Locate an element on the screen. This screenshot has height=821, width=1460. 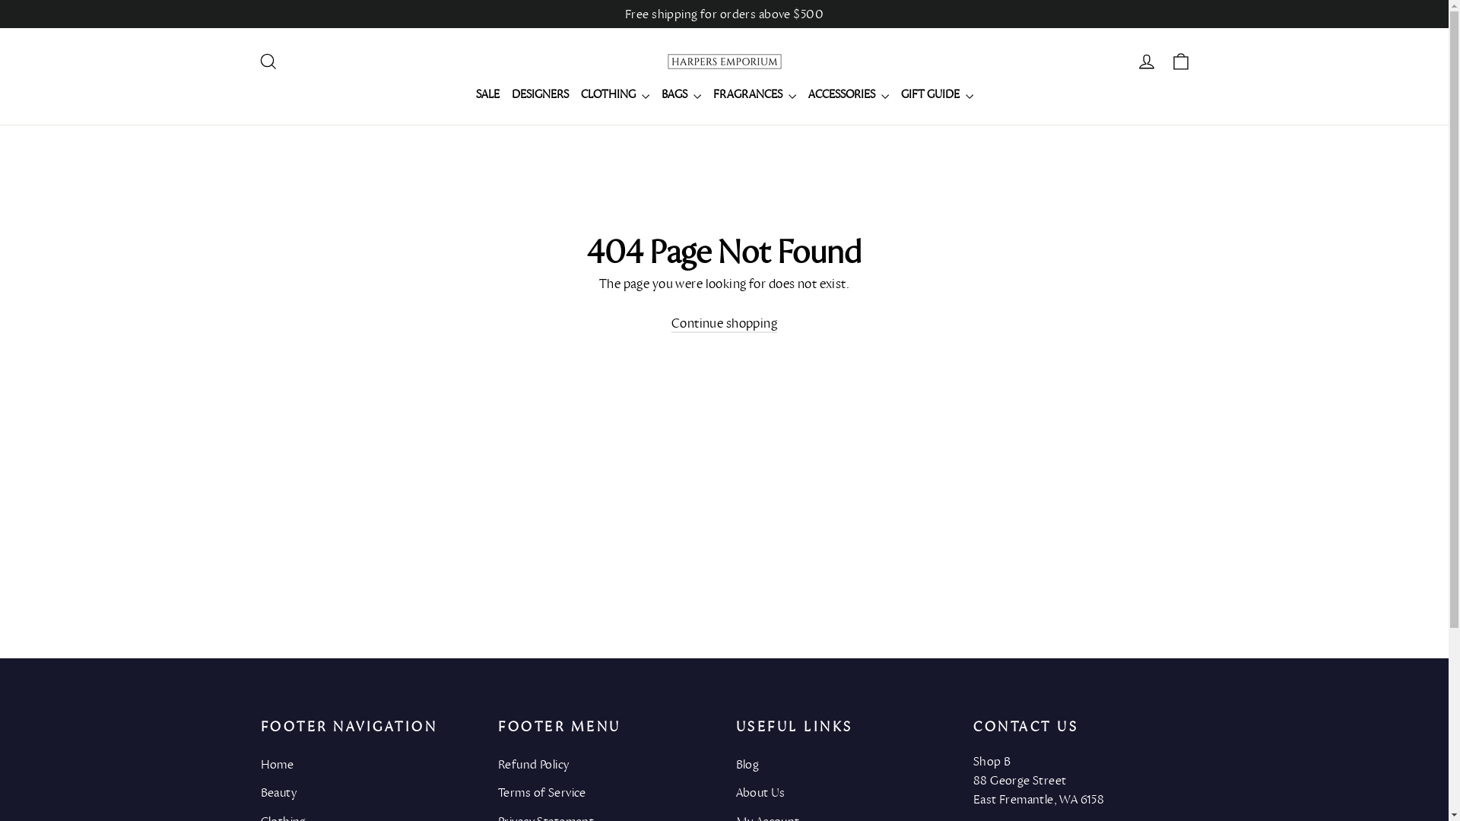
'Log in' is located at coordinates (1146, 61).